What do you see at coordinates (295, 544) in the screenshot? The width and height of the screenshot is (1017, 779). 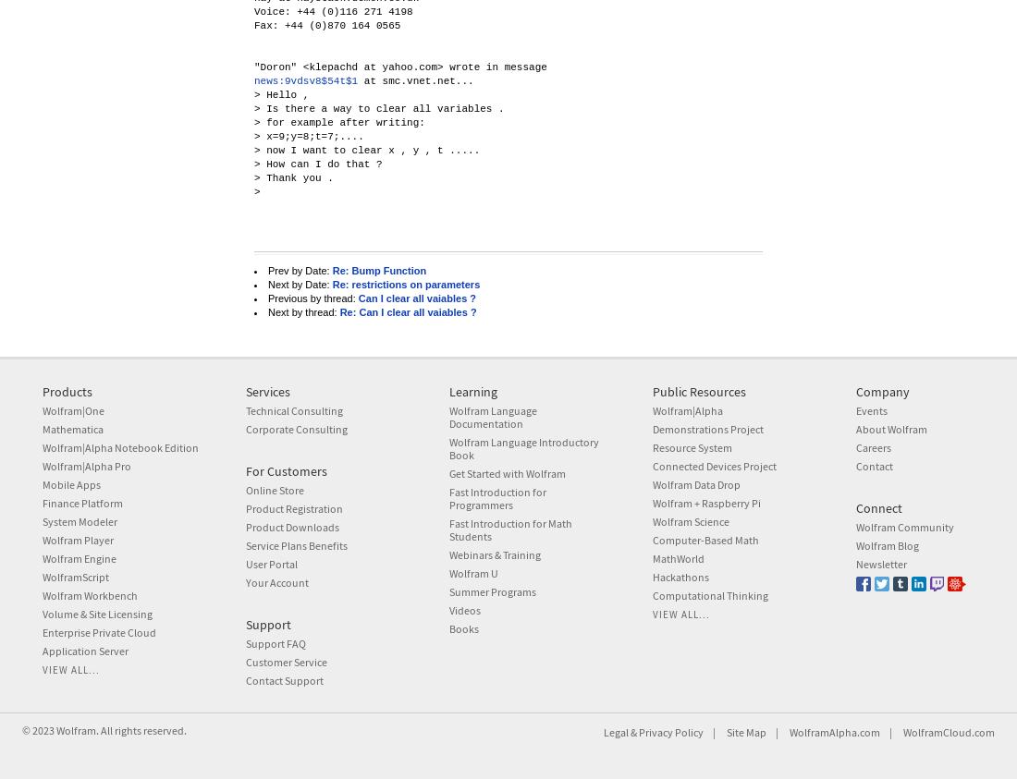 I see `'Service Plans Benefits'` at bounding box center [295, 544].